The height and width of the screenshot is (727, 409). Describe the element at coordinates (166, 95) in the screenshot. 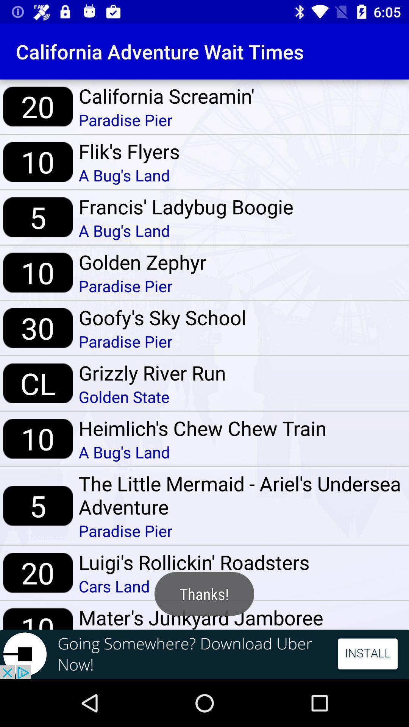

I see `the item next to 20` at that location.